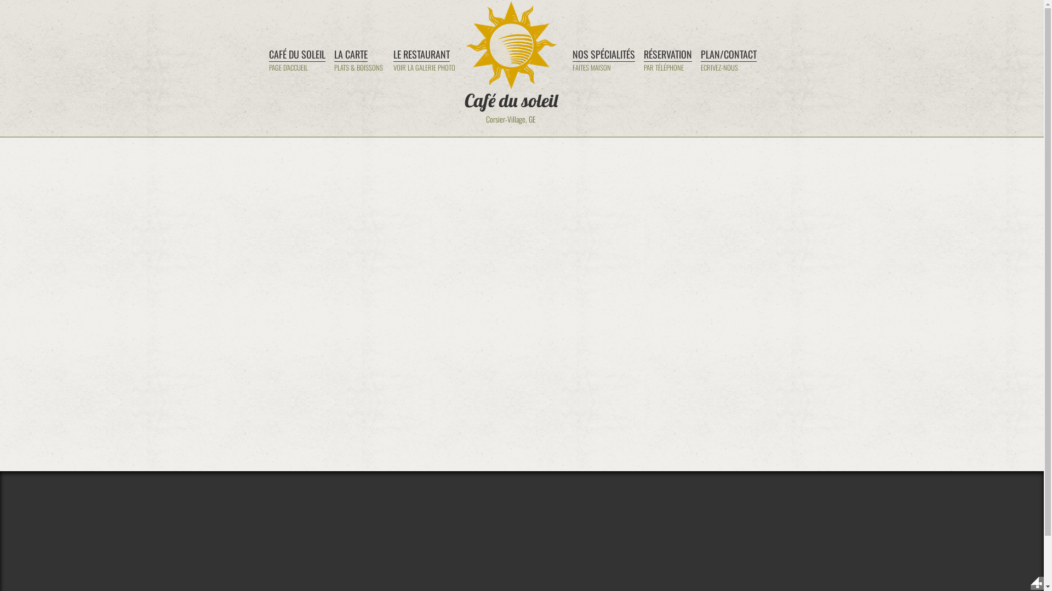 This screenshot has width=1052, height=591. Describe the element at coordinates (359, 62) in the screenshot. I see `'LA CARTE` at that location.